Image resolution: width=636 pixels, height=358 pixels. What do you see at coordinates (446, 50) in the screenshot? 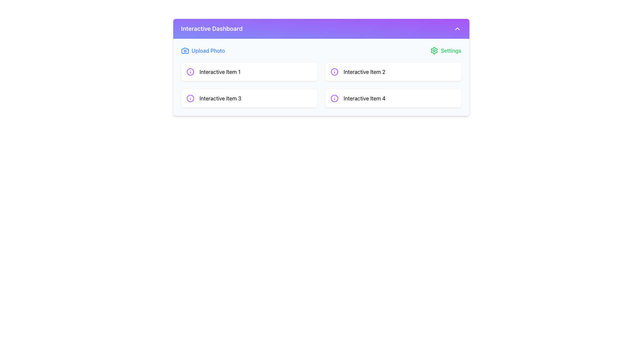
I see `the button in the top-right corner of the 'Upload Photo Settings' section` at bounding box center [446, 50].